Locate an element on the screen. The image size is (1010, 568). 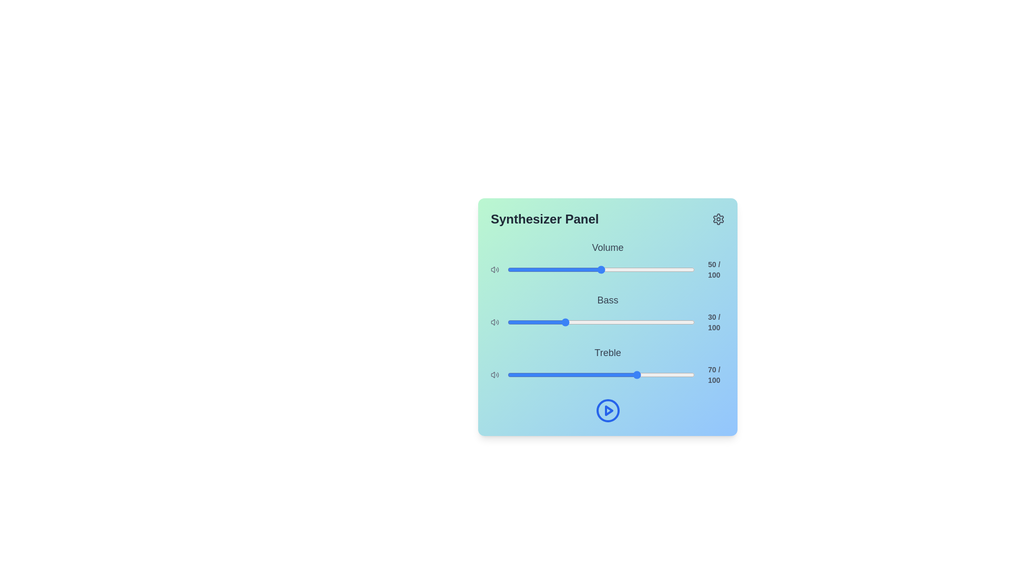
the treble slider to 67 value is located at coordinates (632, 374).